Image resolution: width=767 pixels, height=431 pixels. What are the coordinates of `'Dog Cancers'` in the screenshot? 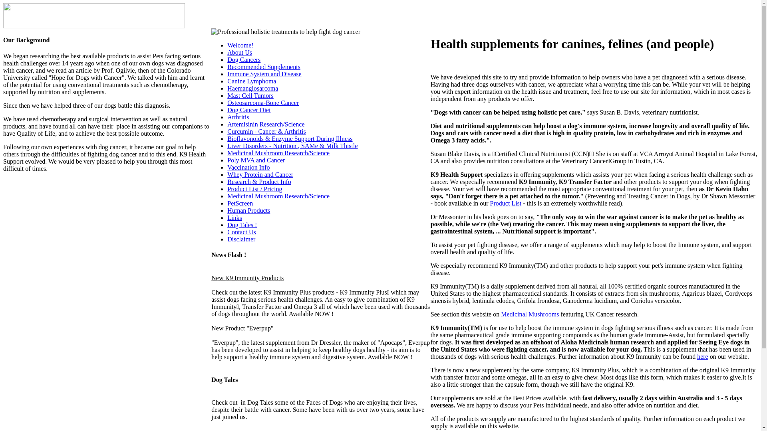 It's located at (227, 59).